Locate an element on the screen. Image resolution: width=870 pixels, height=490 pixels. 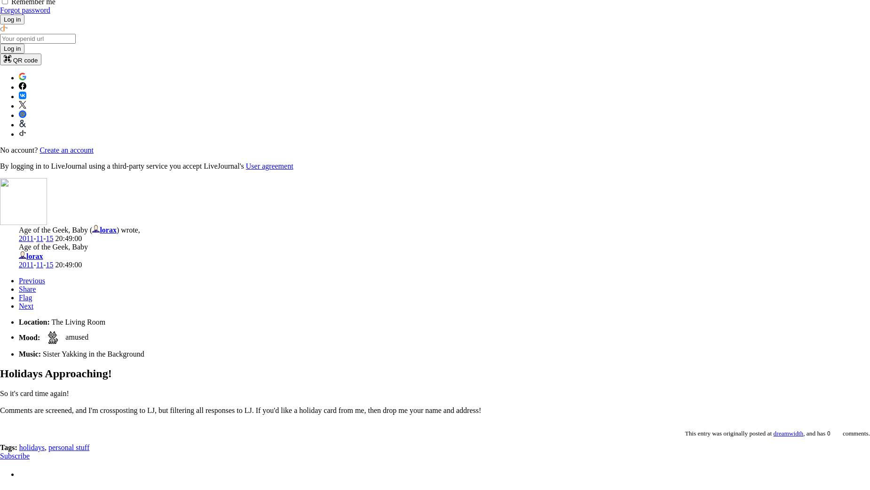
'Create an account' is located at coordinates (66, 149).